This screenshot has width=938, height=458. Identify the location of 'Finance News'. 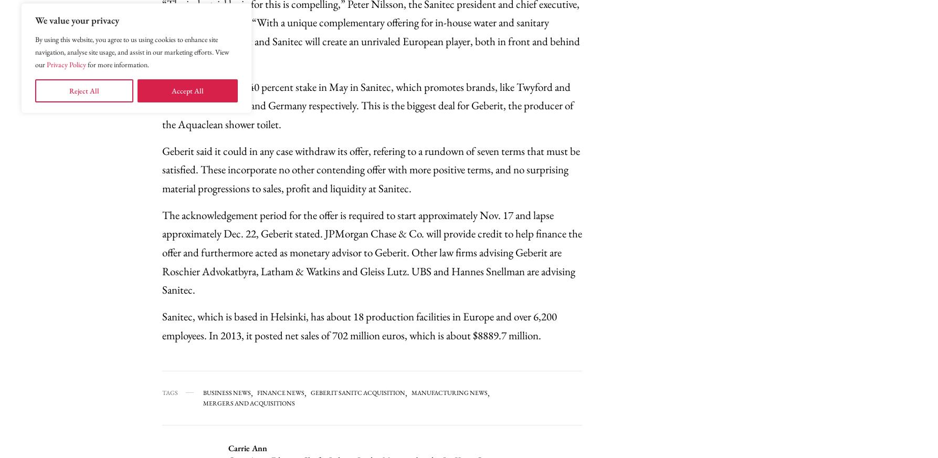
(280, 392).